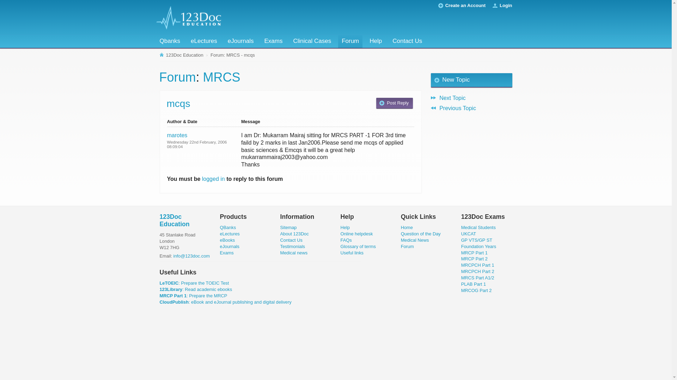 This screenshot has width=677, height=380. Describe the element at coordinates (213, 178) in the screenshot. I see `'logged in'` at that location.